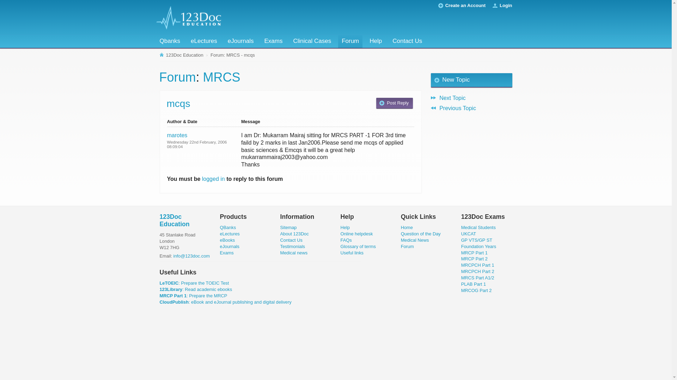 This screenshot has width=677, height=380. Describe the element at coordinates (213, 178) in the screenshot. I see `'logged in'` at that location.